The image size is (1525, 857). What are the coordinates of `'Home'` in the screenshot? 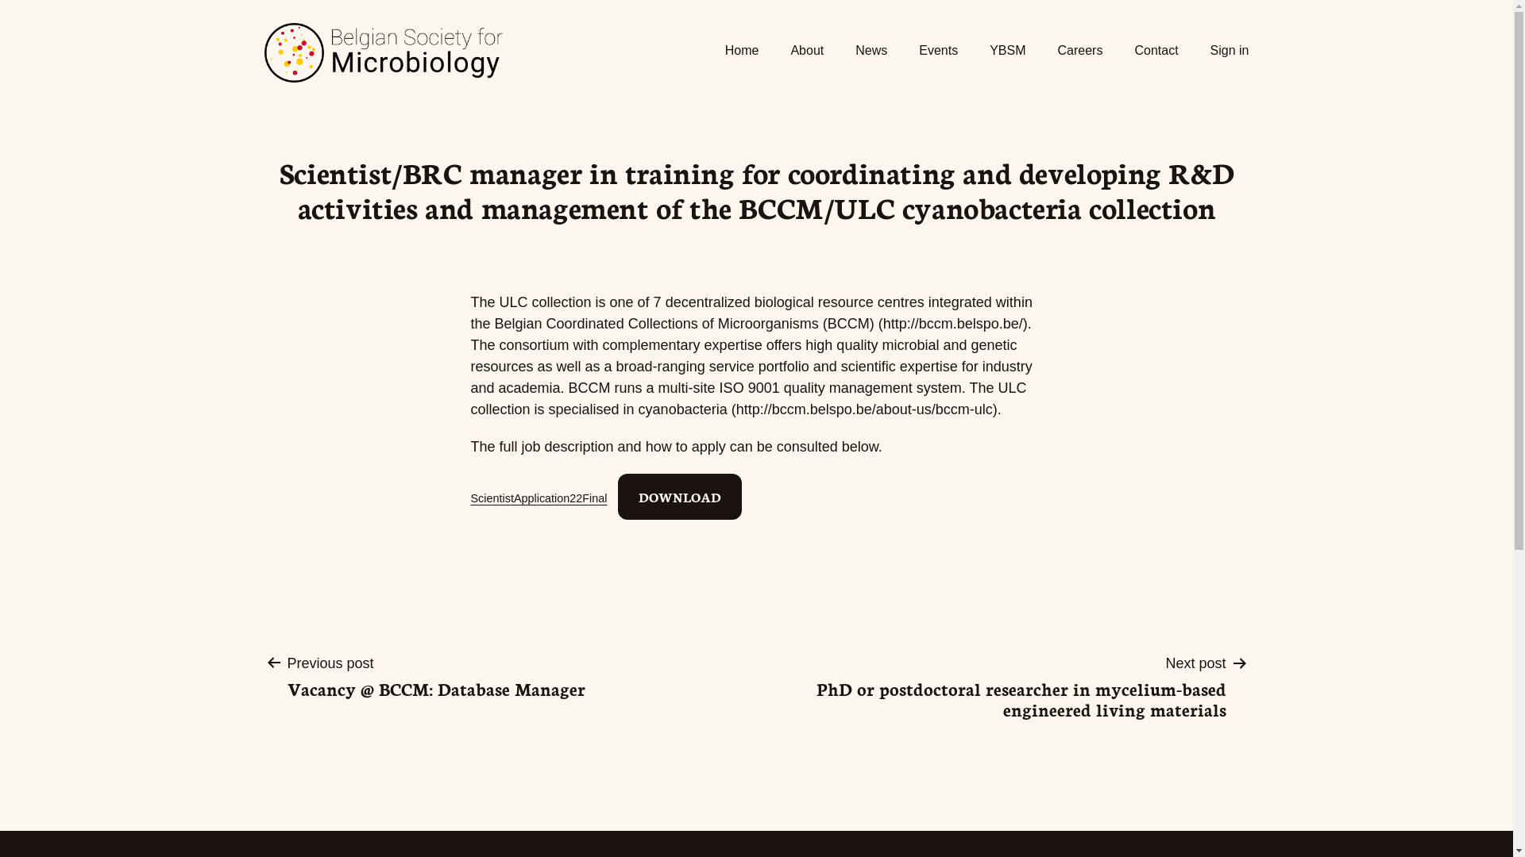 It's located at (708, 50).